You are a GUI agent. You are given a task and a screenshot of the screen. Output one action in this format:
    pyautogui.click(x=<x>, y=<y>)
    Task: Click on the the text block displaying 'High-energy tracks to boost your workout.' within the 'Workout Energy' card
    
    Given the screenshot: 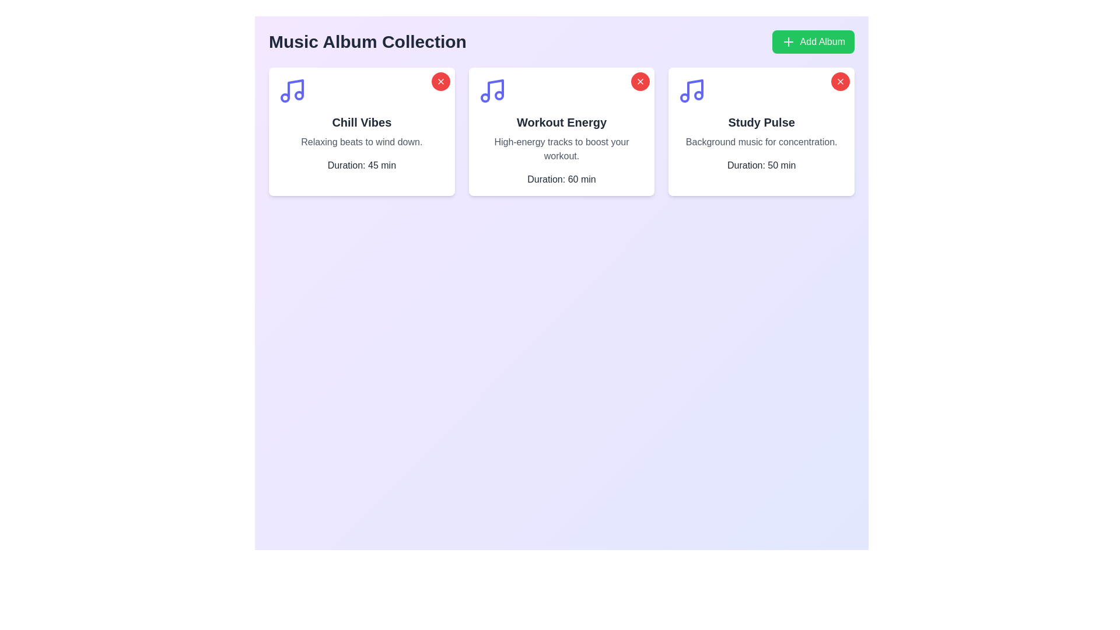 What is the action you would take?
    pyautogui.click(x=562, y=148)
    